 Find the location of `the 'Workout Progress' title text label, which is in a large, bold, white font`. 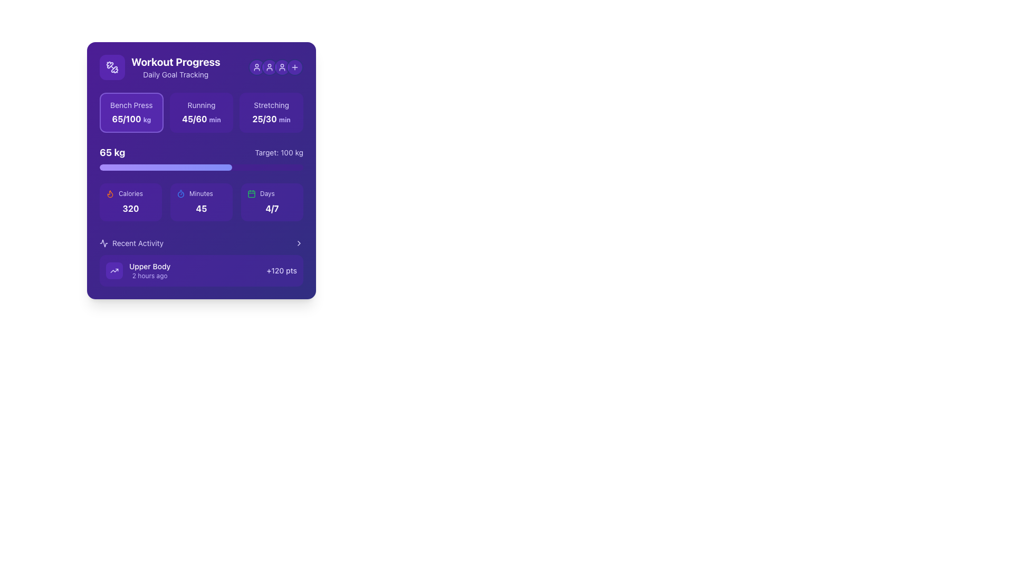

the 'Workout Progress' title text label, which is in a large, bold, white font is located at coordinates (176, 67).